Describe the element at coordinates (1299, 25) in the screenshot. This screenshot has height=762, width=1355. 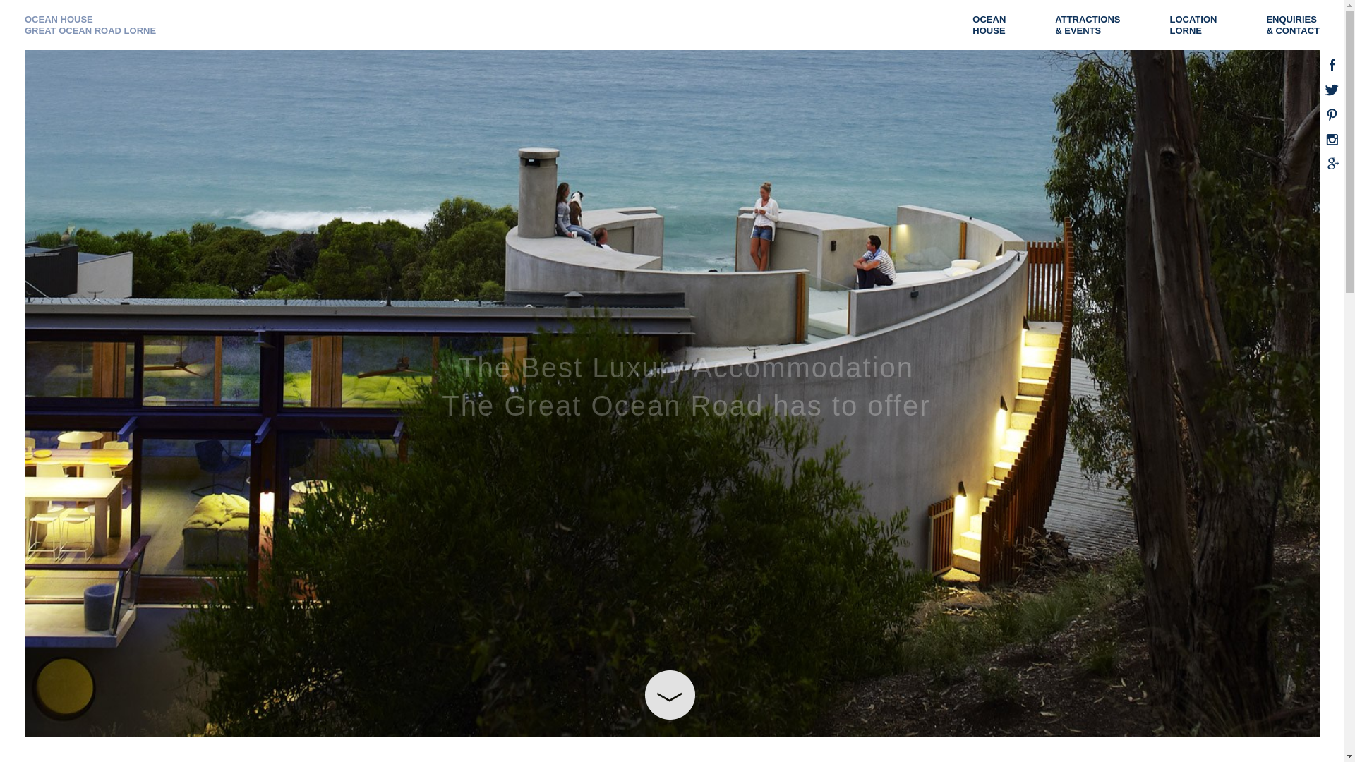
I see `'ENQUIRIES` at that location.